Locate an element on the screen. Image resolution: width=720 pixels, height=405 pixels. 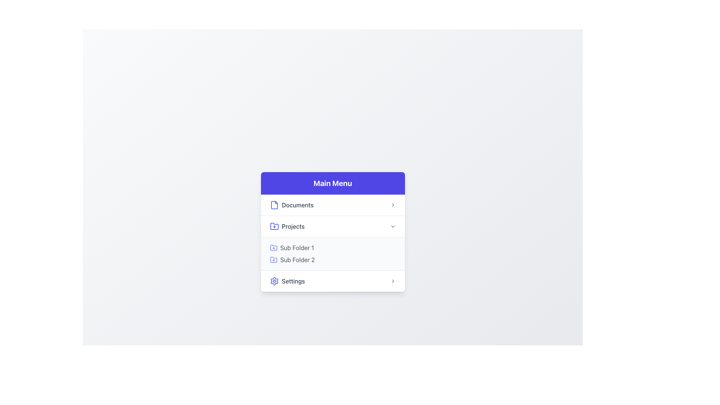
the 'Documents' text label in the Main Menu, which is adjacent to the file icon is located at coordinates (297, 205).